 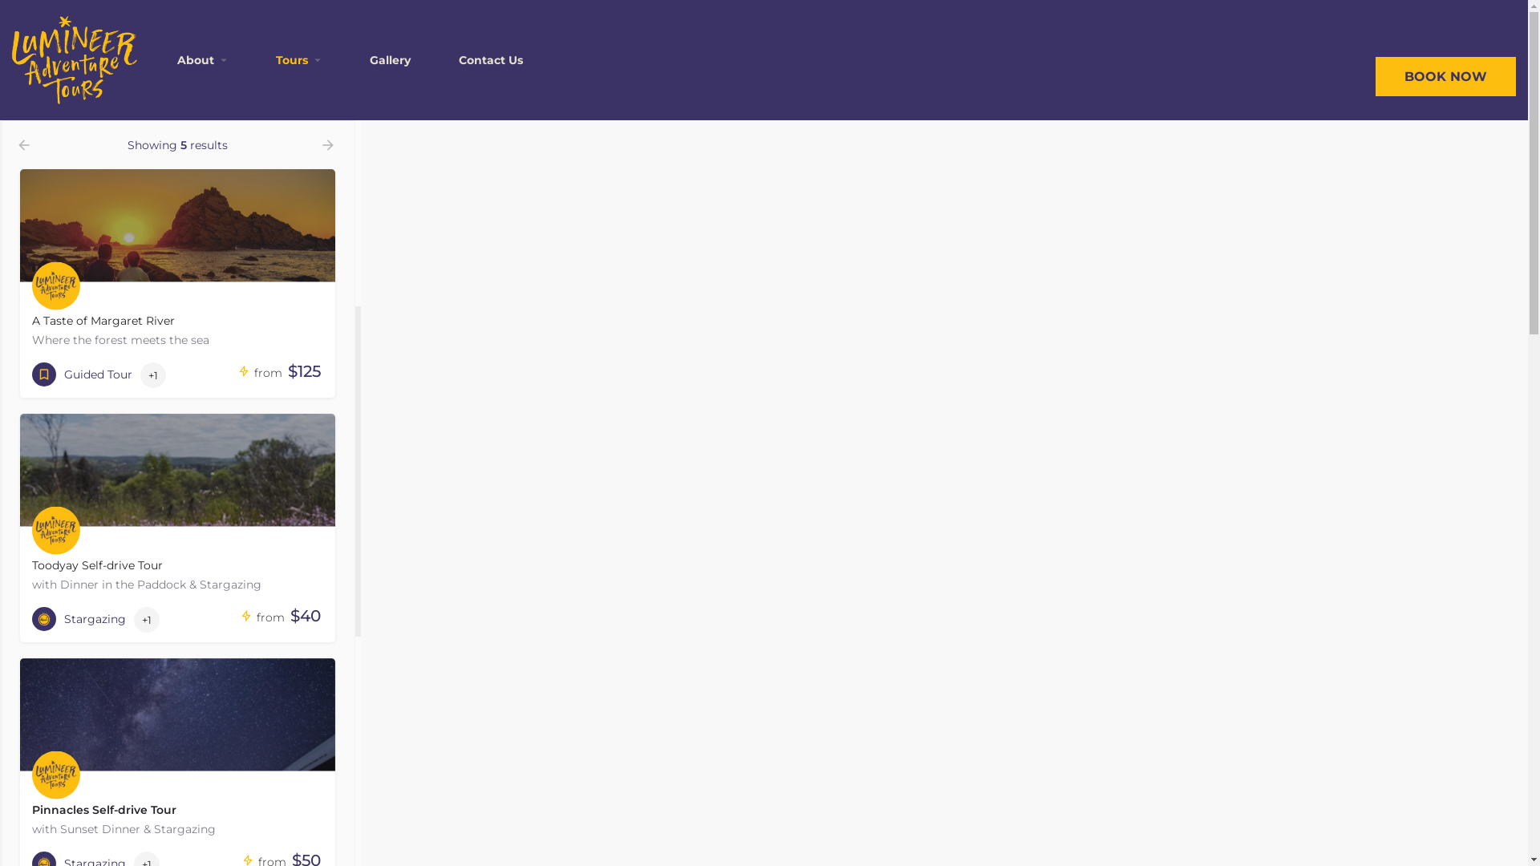 I want to click on 'Stargazing', so click(x=78, y=617).